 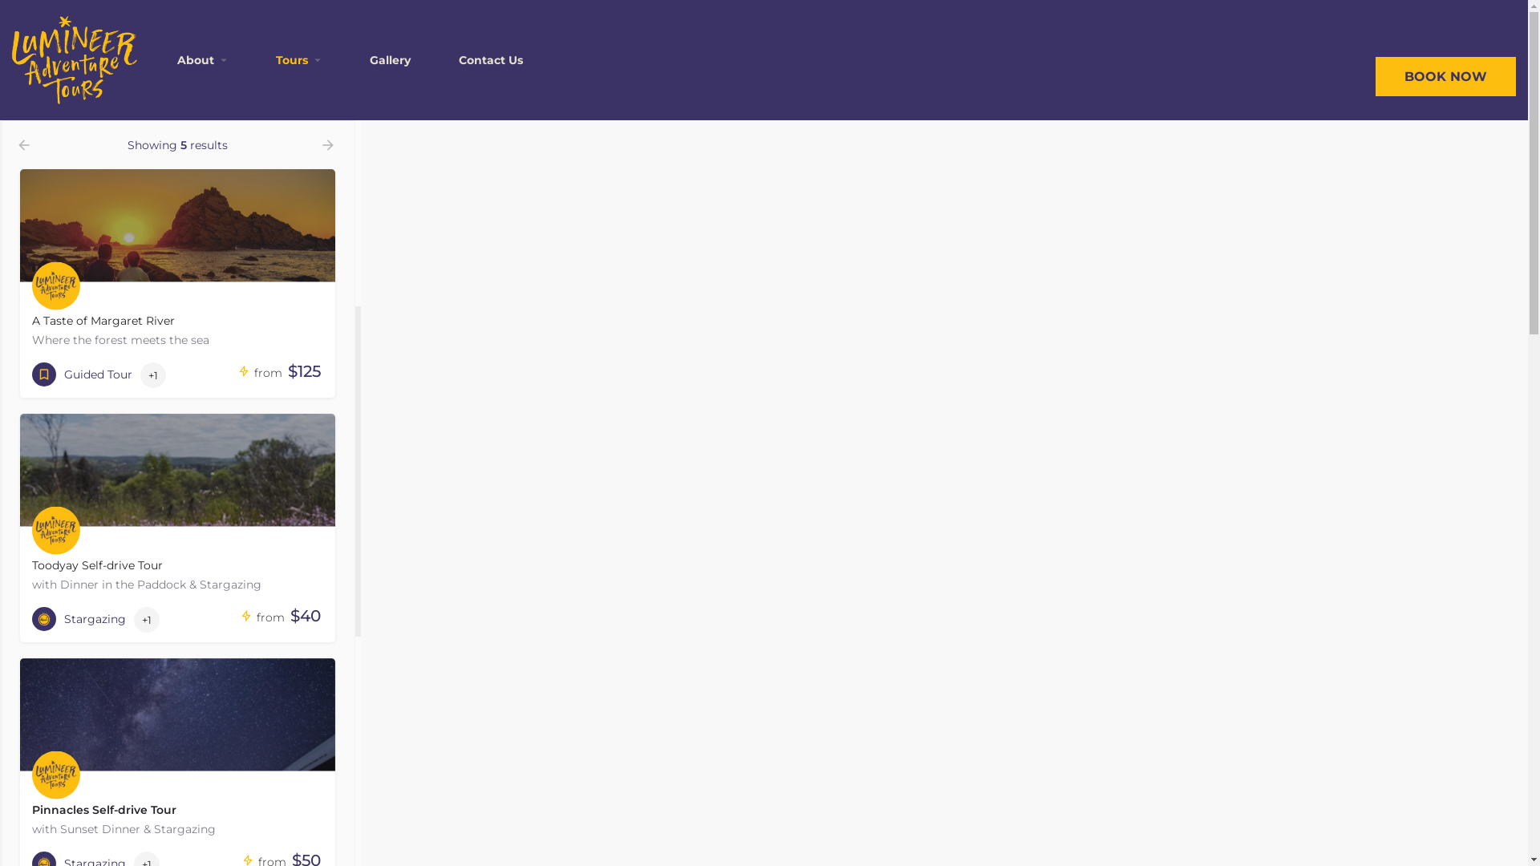 I want to click on 'Stargazing', so click(x=78, y=617).